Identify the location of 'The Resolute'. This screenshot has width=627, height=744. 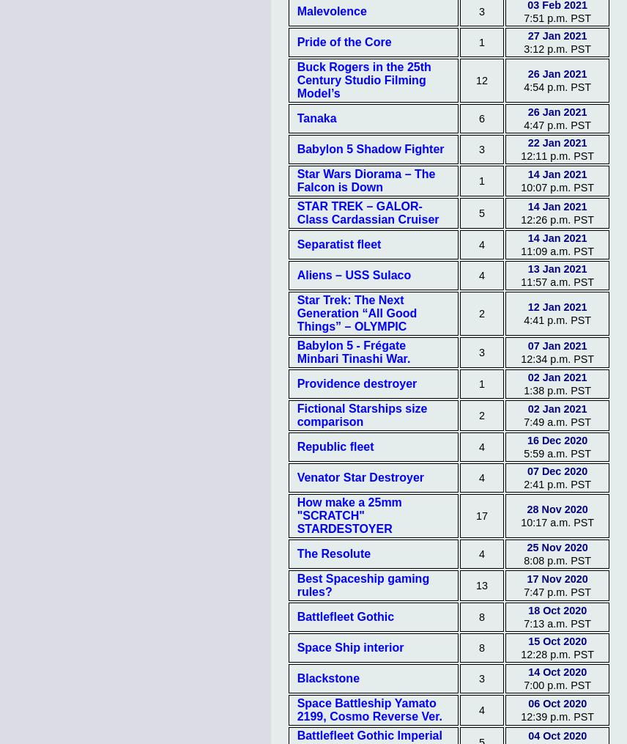
(333, 553).